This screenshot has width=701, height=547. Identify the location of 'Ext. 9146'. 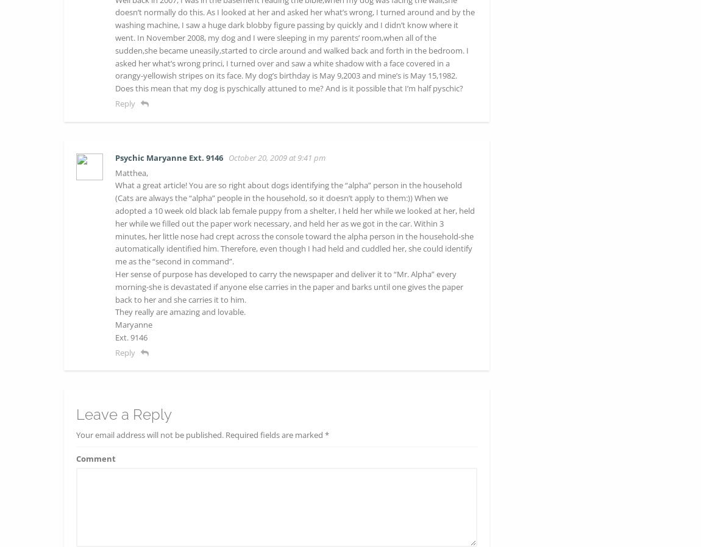
(114, 336).